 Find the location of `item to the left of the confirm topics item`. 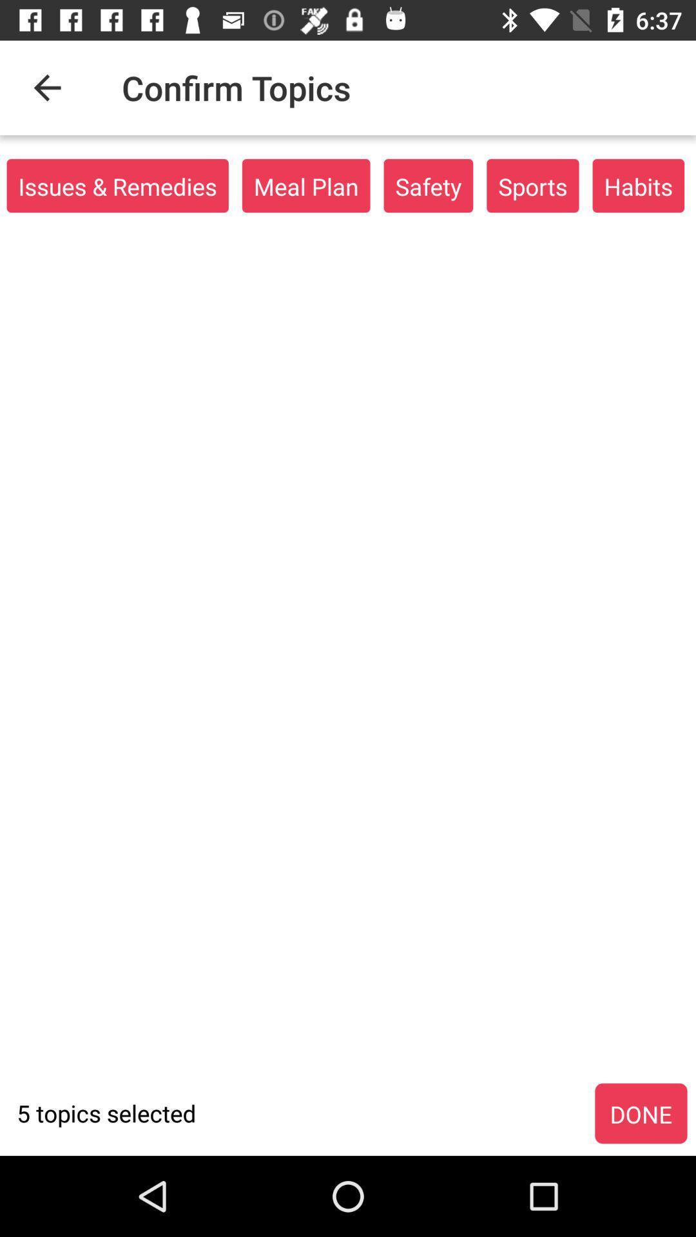

item to the left of the confirm topics item is located at coordinates (46, 87).